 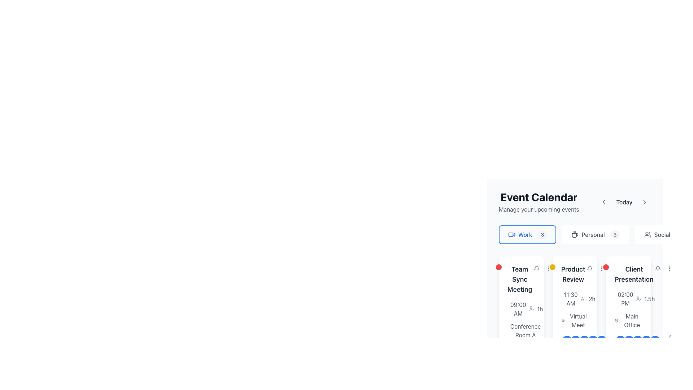 I want to click on the static text element that displays 'Manage your upcoming events', which is styled in gray and positioned below the 'Event Calendar' heading, so click(x=539, y=209).